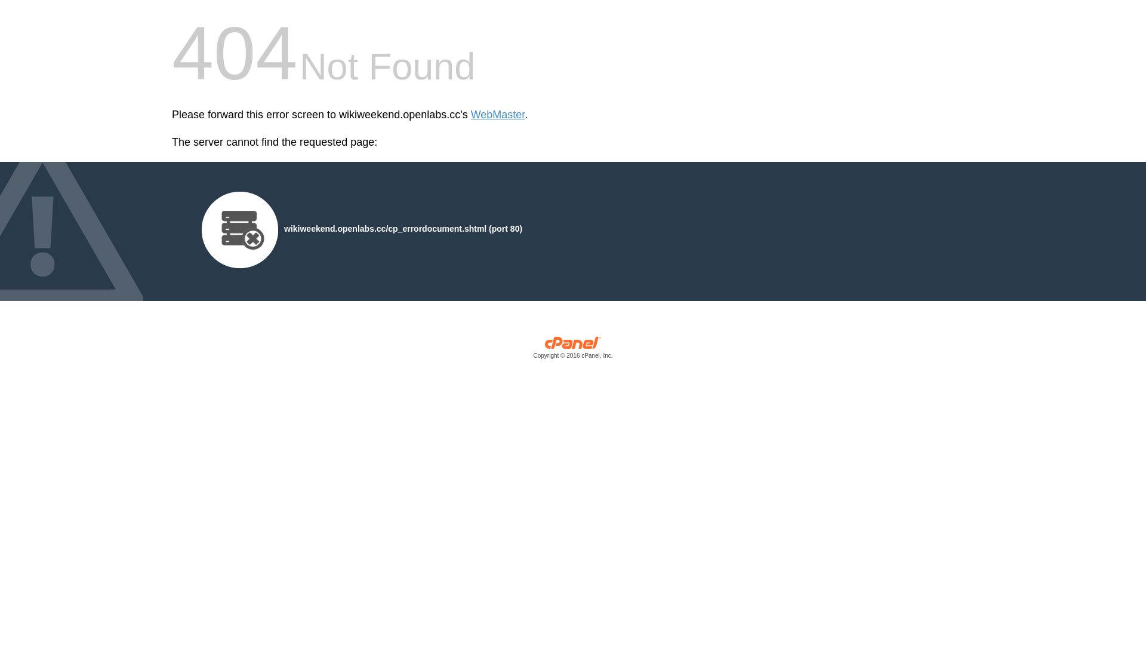 Image resolution: width=1146 pixels, height=645 pixels. Describe the element at coordinates (498, 115) in the screenshot. I see `'WebMaster'` at that location.